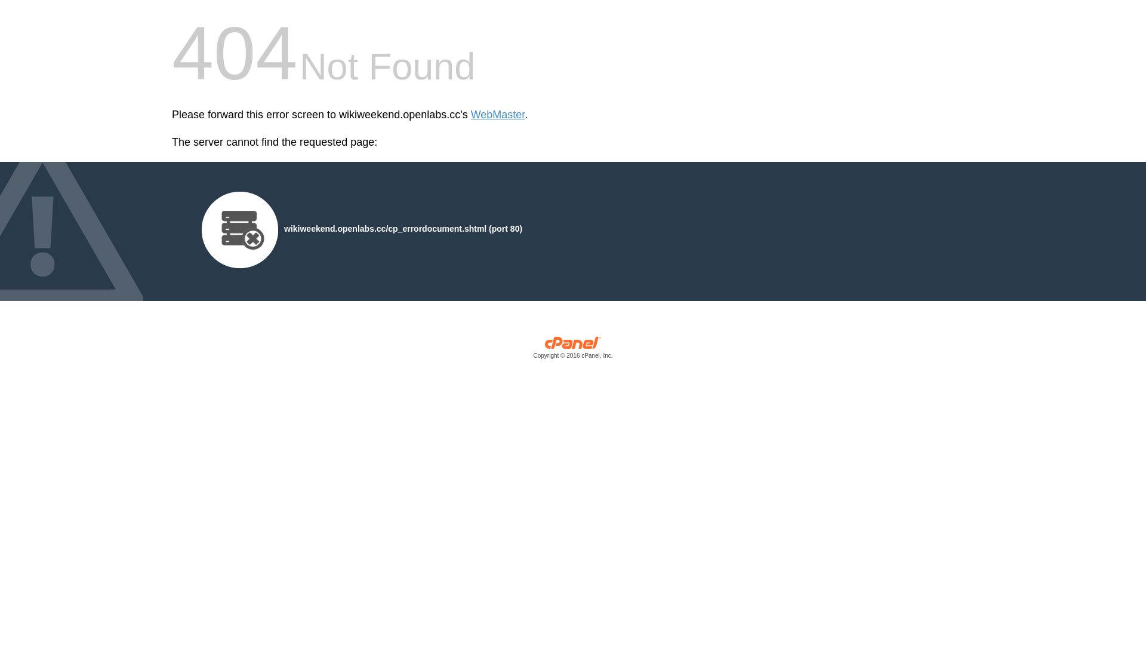 Image resolution: width=1146 pixels, height=645 pixels. Describe the element at coordinates (498, 115) in the screenshot. I see `'WebMaster'` at that location.